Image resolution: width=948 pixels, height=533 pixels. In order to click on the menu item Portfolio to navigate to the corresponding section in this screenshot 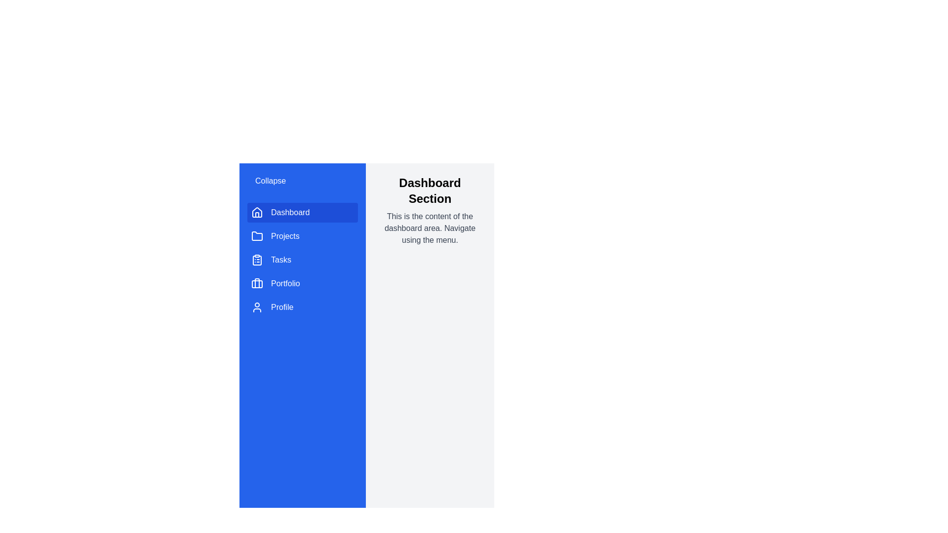, I will do `click(302, 283)`.